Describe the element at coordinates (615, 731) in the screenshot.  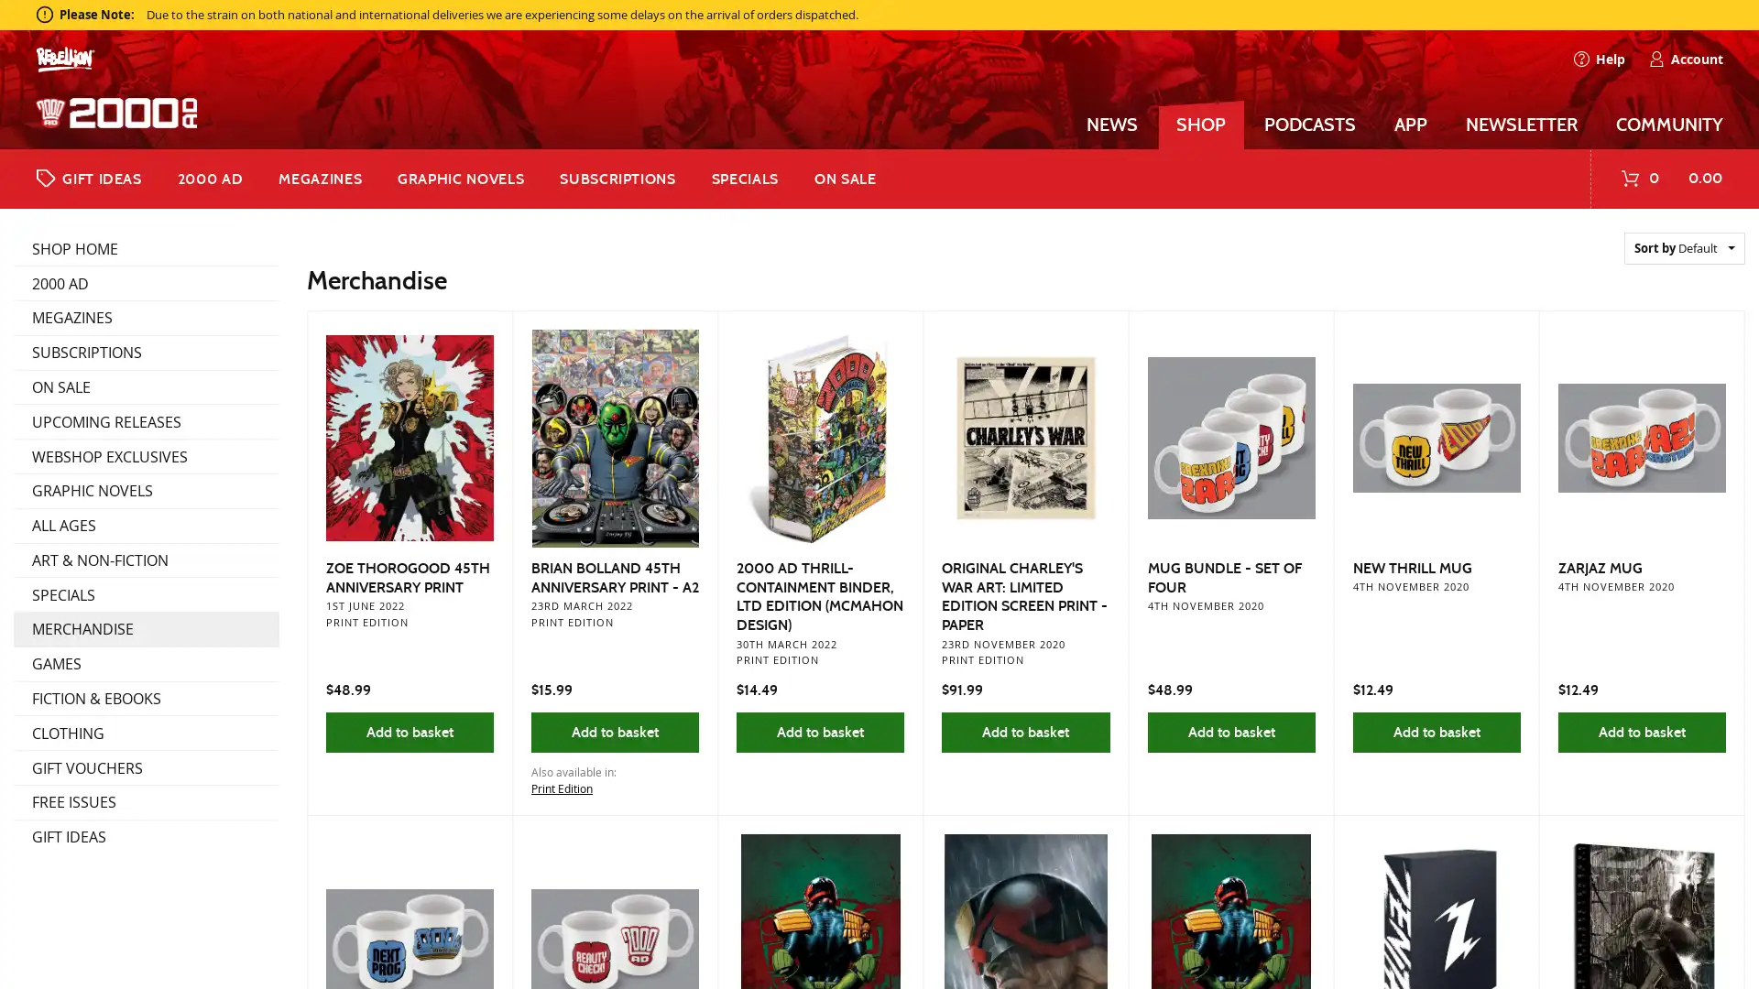
I see `Add to basket` at that location.